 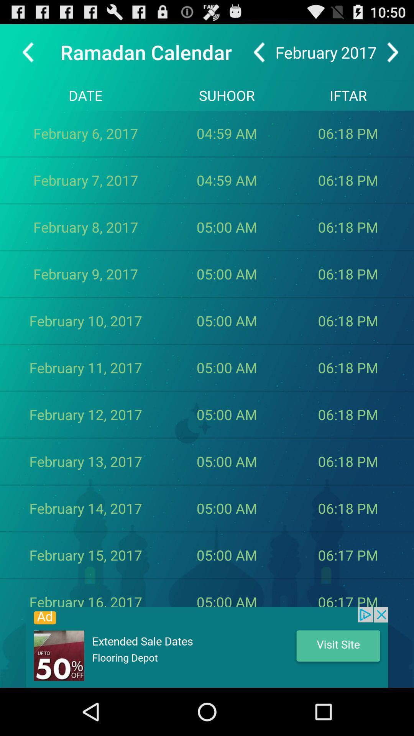 I want to click on go back, so click(x=259, y=52).